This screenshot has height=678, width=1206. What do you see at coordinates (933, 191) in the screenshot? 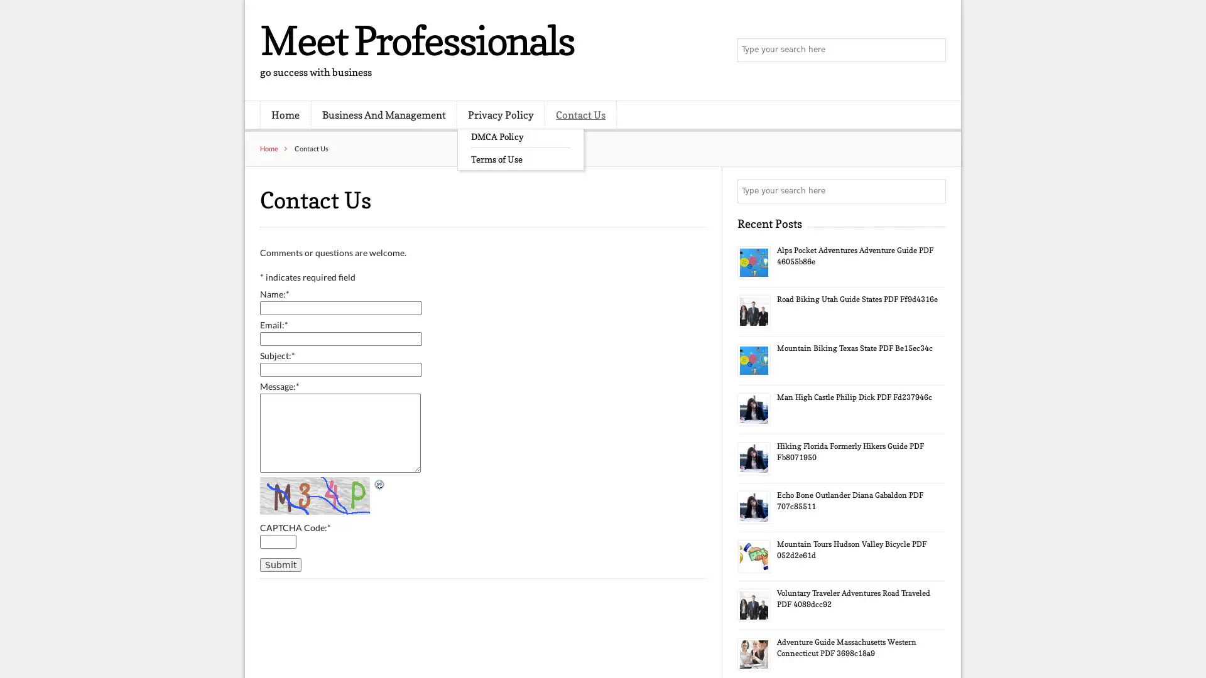
I see `Search` at bounding box center [933, 191].